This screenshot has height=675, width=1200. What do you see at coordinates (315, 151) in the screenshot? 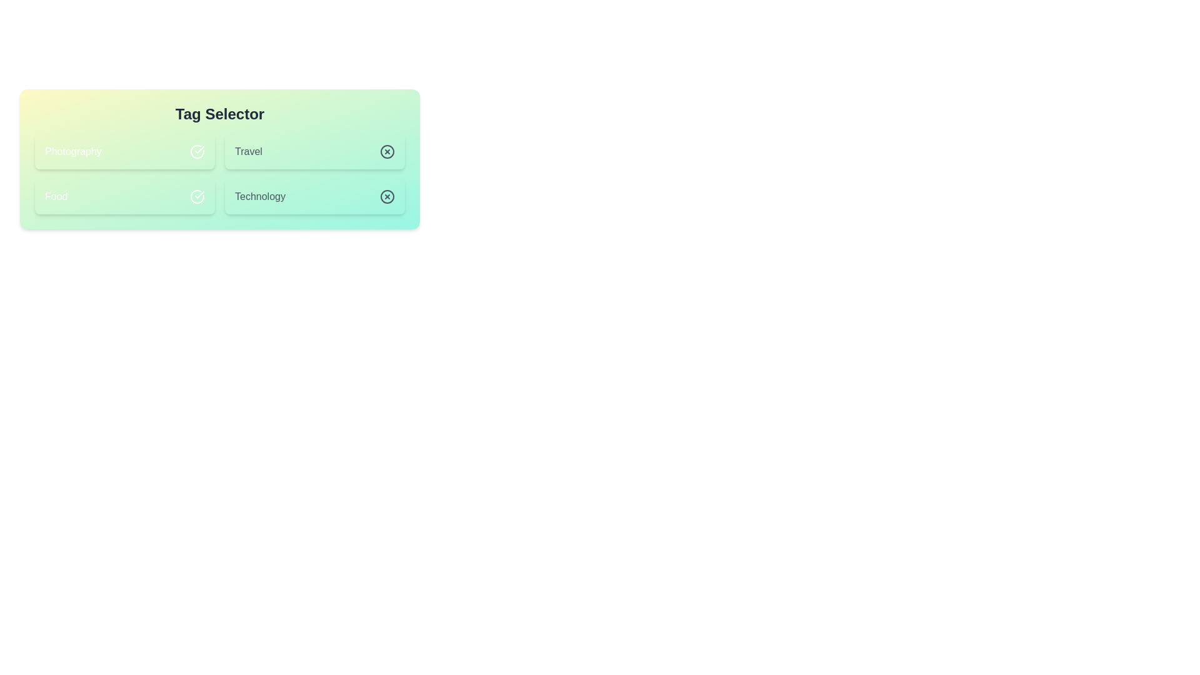
I see `the tag labeled Travel to toggle its active state` at bounding box center [315, 151].